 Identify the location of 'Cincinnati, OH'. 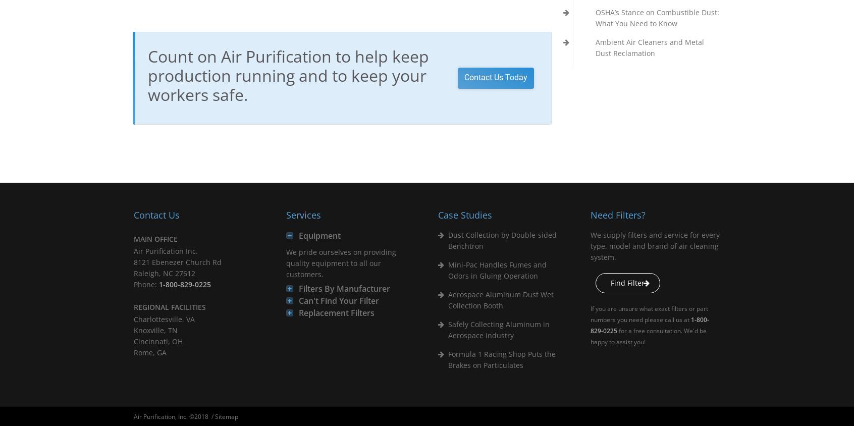
(157, 341).